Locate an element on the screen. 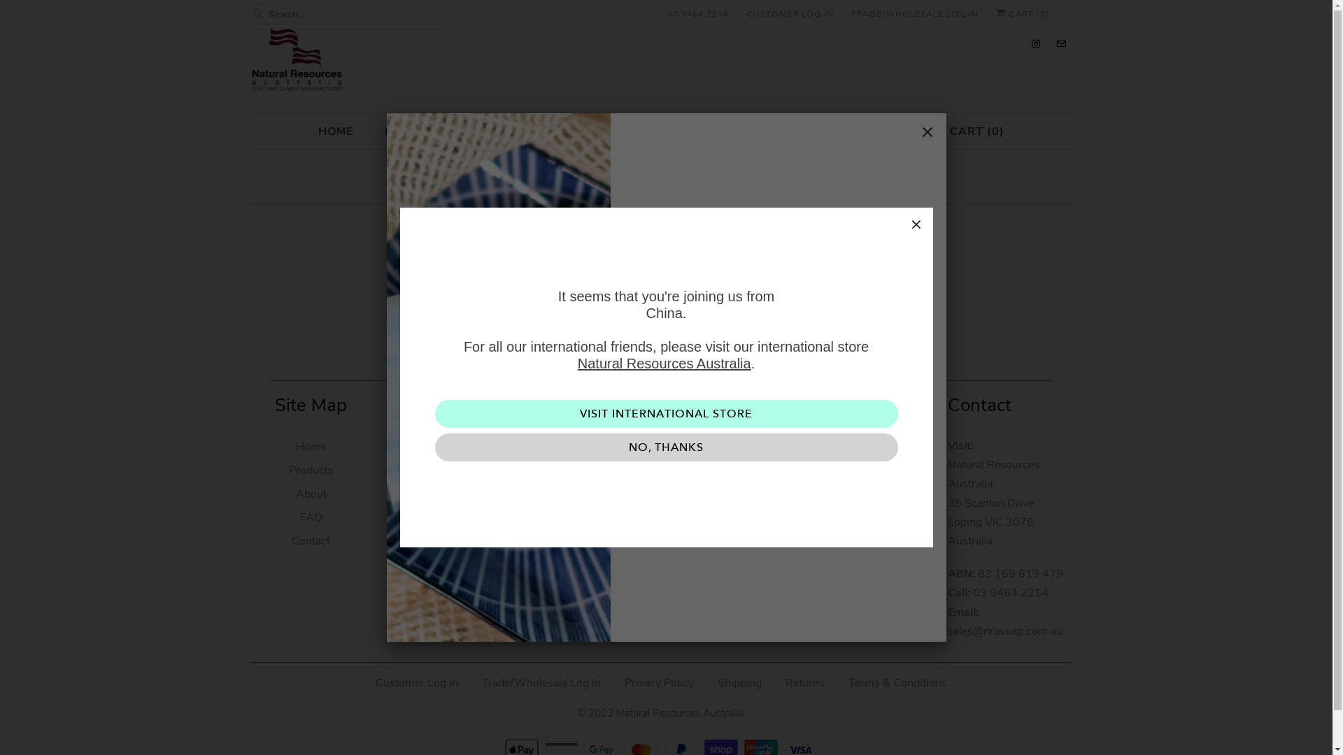 The image size is (1343, 755). 'Plant to Skin 100g' is located at coordinates (450, 470).